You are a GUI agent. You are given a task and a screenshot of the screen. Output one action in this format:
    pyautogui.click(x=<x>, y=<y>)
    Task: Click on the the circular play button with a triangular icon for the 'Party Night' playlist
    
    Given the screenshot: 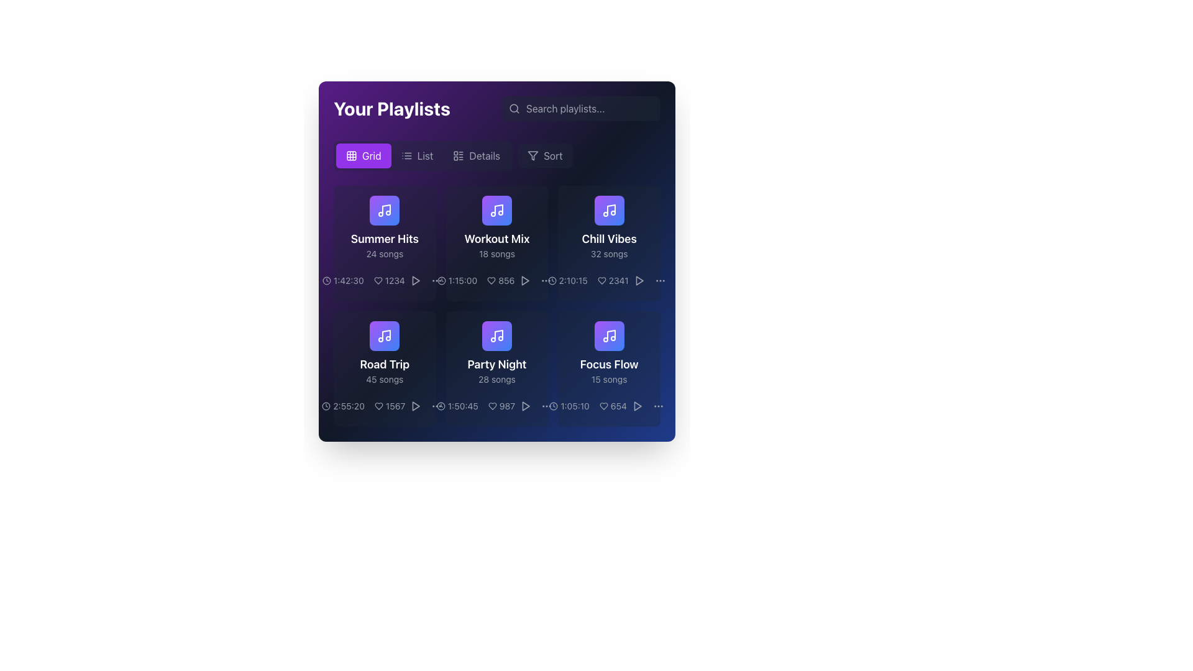 What is the action you would take?
    pyautogui.click(x=526, y=406)
    